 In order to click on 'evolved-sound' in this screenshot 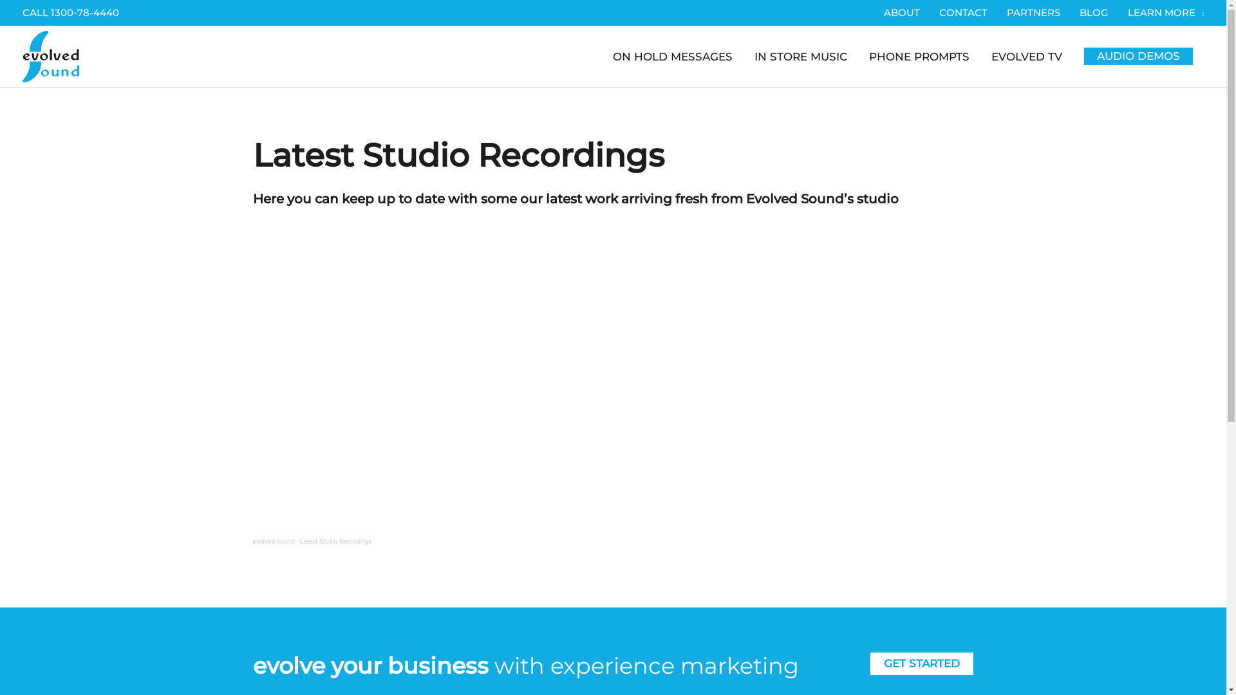, I will do `click(272, 541)`.